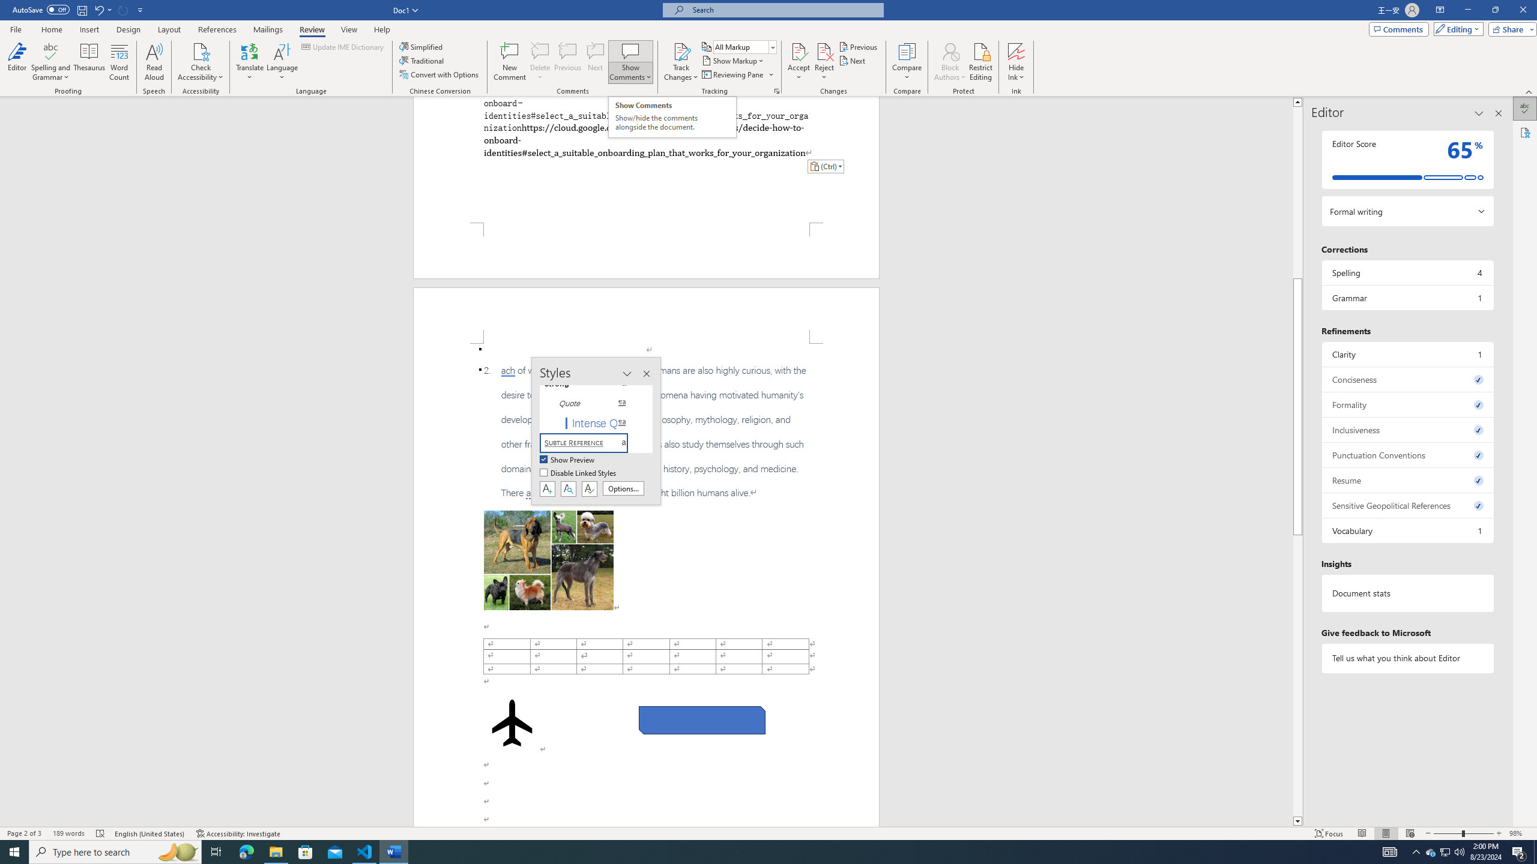  Describe the element at coordinates (250, 62) in the screenshot. I see `'Translate'` at that location.